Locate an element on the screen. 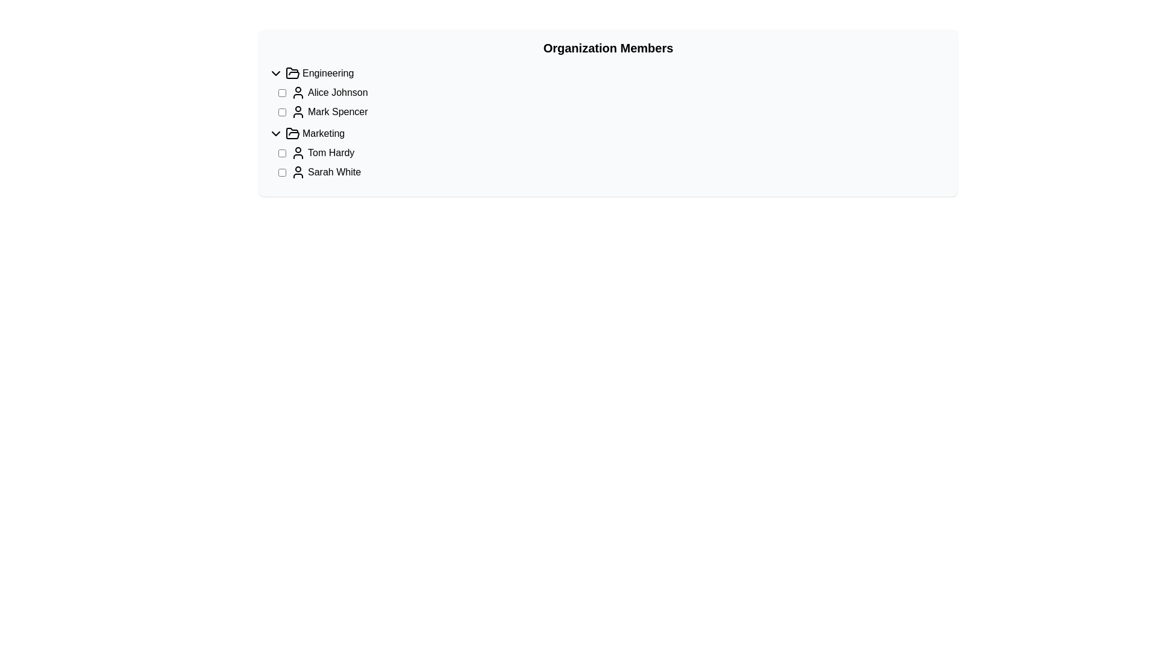  the SVG icon representing a user located in the 'Engineering' group under 'Organization Members', positioned to the left of 'Alice Johnson' is located at coordinates (298, 92).